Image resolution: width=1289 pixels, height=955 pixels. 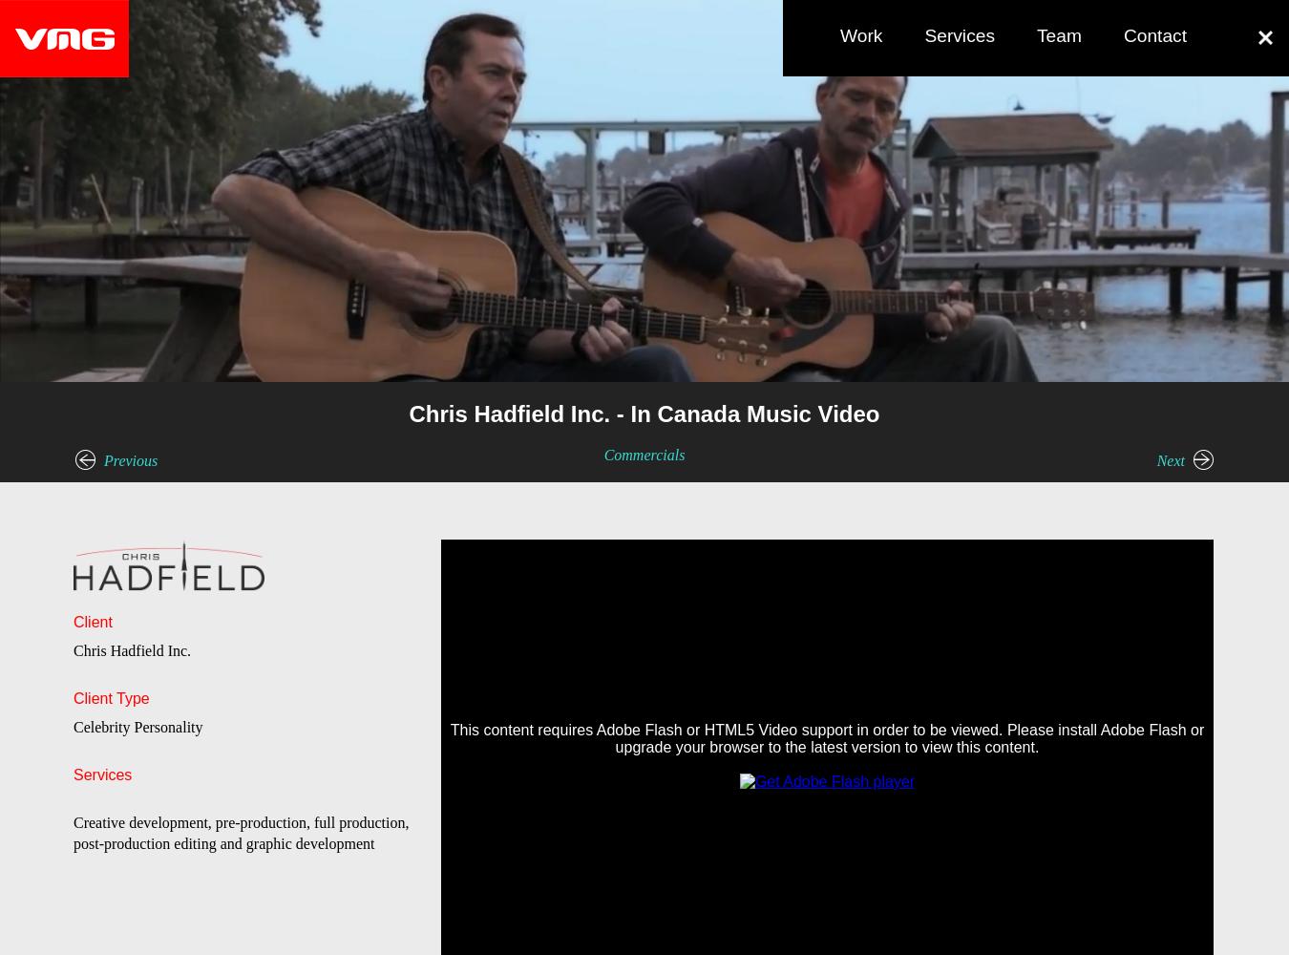 I want to click on 'Contact', so click(x=1153, y=35).